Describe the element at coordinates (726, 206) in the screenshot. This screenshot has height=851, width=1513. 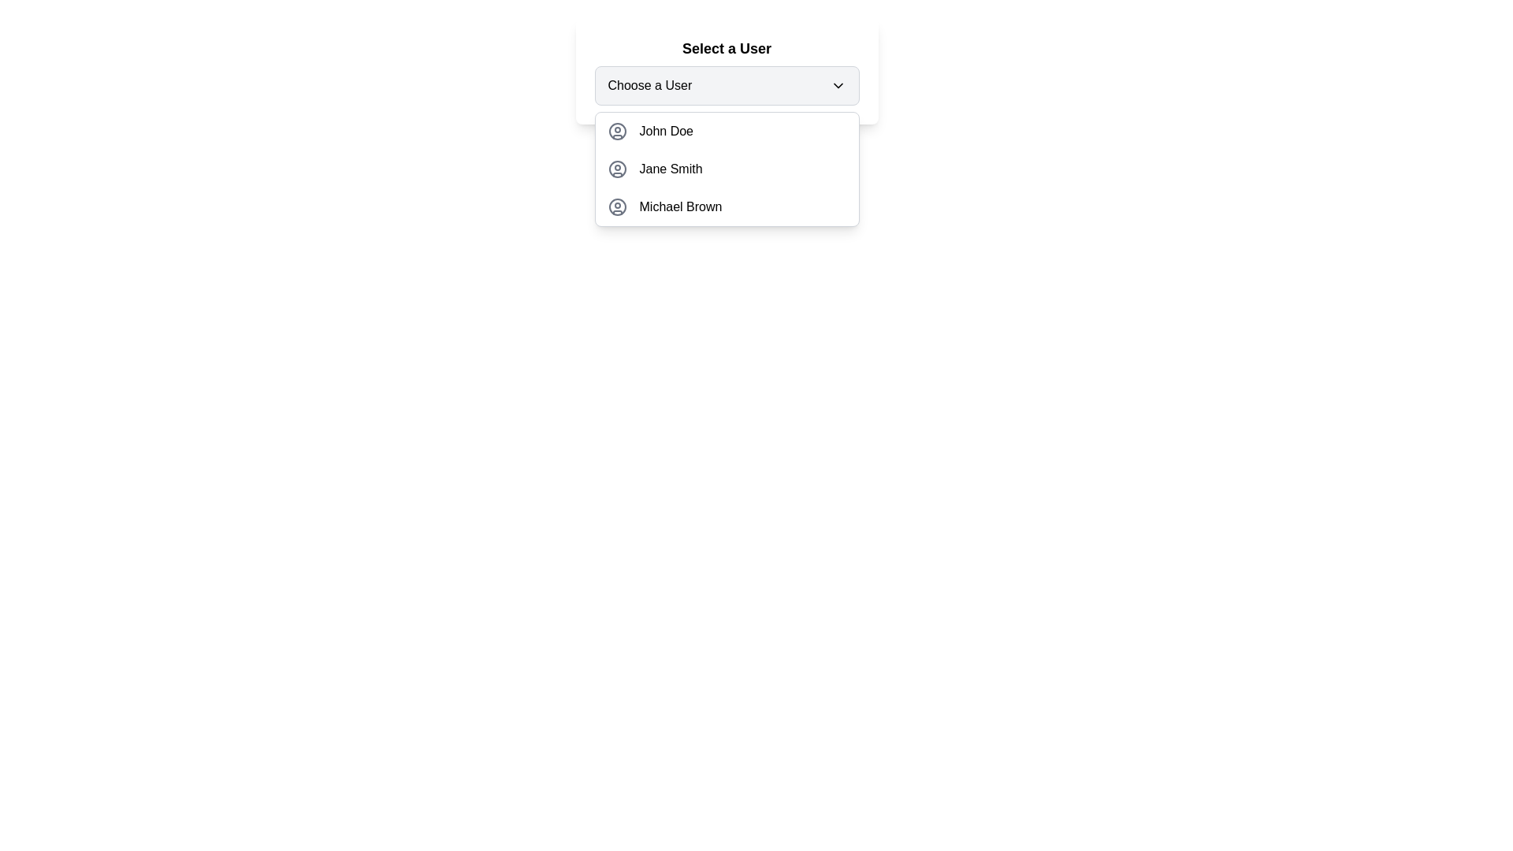
I see `the dropdown menu item displaying 'Michael Brown', which is the third option in the list below 'Select a User'` at that location.